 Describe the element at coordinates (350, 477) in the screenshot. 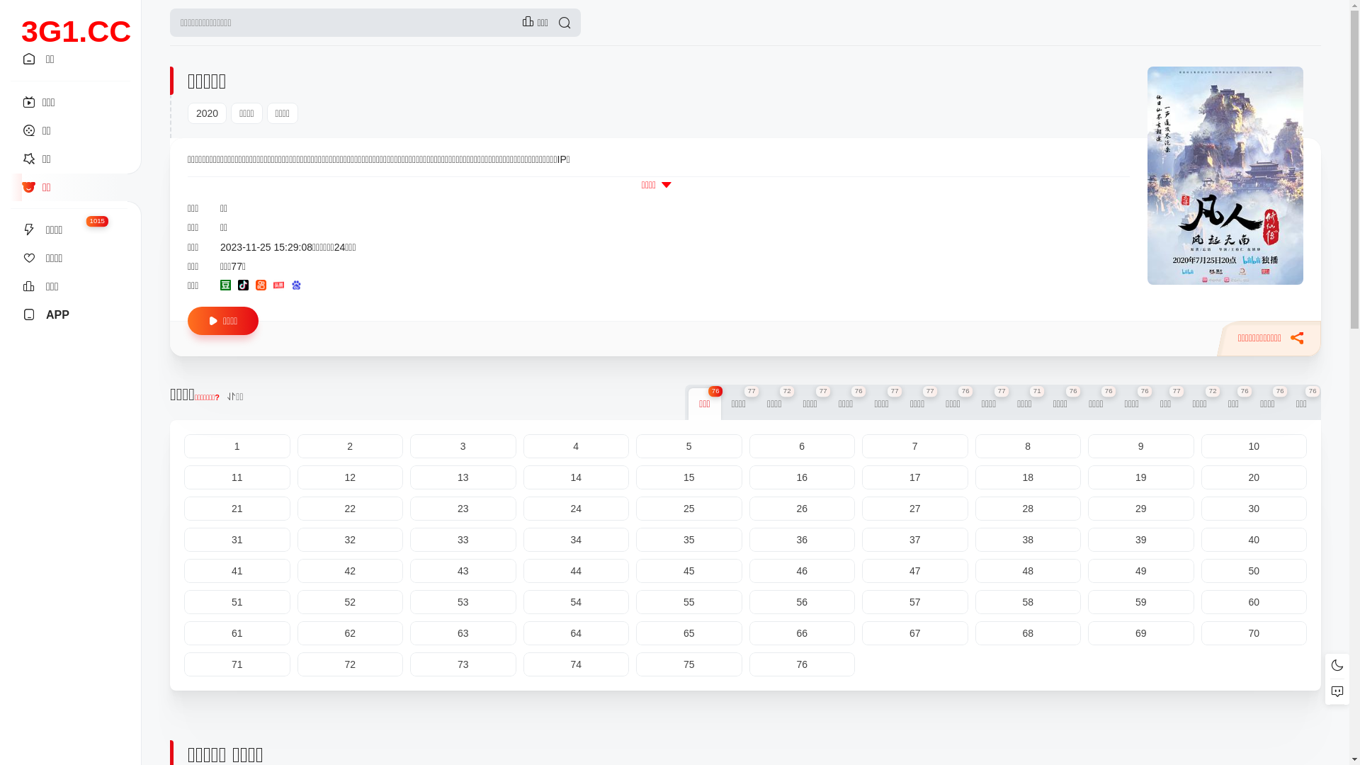

I see `'12'` at that location.